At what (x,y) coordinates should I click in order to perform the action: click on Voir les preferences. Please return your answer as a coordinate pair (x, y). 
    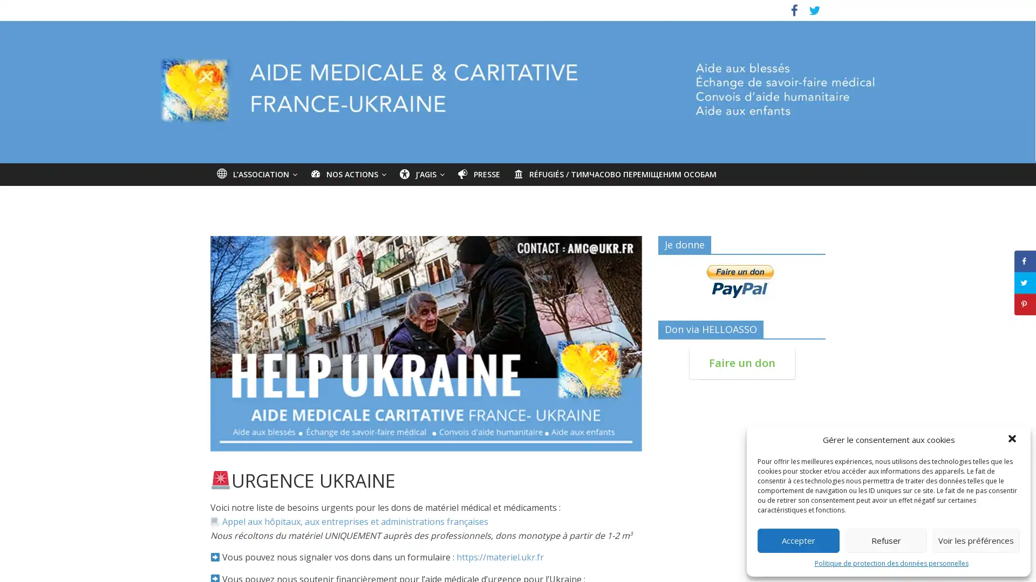
    Looking at the image, I should click on (976, 540).